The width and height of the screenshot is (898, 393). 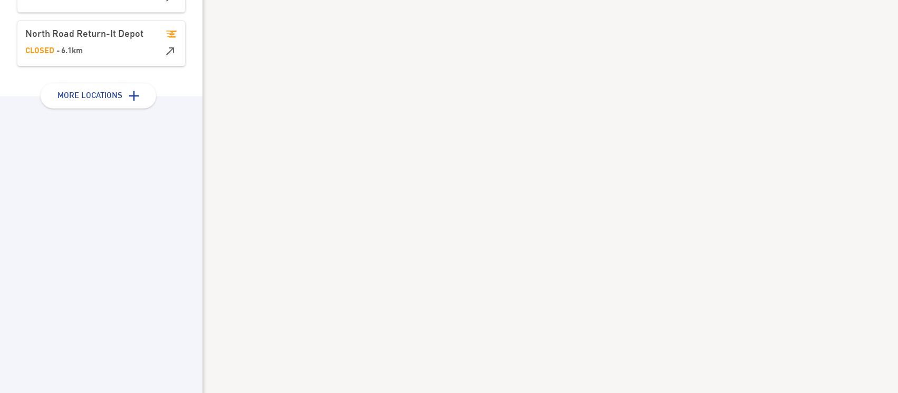 What do you see at coordinates (337, 94) in the screenshot?
I see `'Gable Top'` at bounding box center [337, 94].